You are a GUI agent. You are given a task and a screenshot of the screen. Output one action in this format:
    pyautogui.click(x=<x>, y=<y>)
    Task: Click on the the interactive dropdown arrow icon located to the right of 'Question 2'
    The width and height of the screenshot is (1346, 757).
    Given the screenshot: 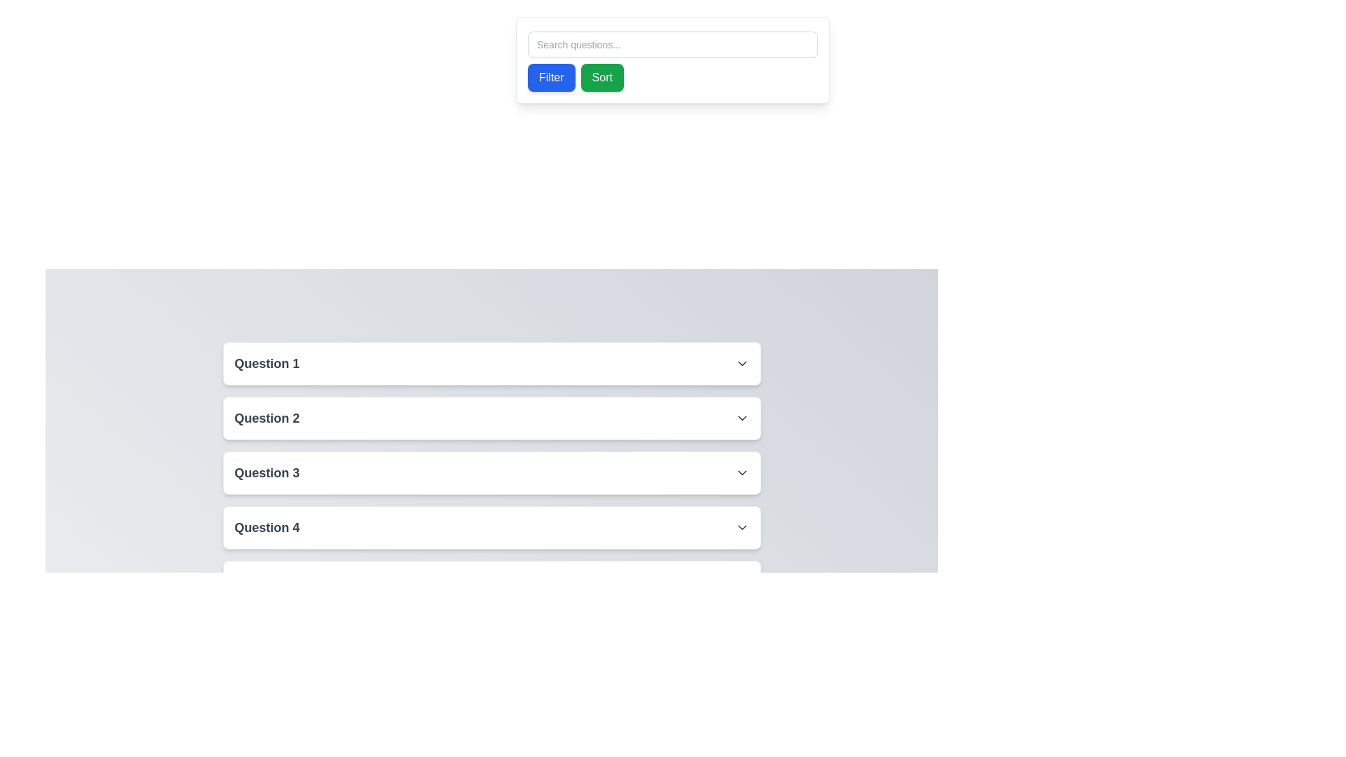 What is the action you would take?
    pyautogui.click(x=741, y=418)
    